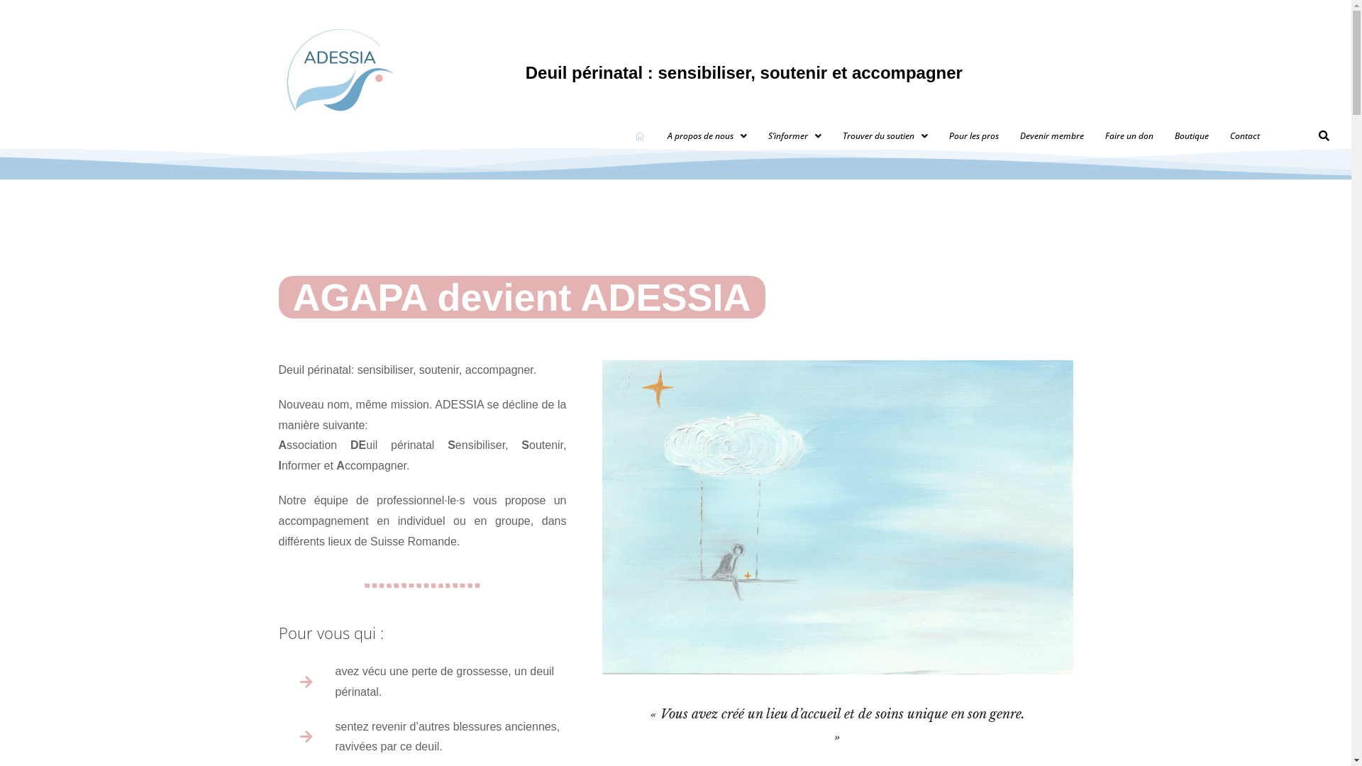 This screenshot has width=1362, height=766. What do you see at coordinates (1129, 136) in the screenshot?
I see `'Faire un don'` at bounding box center [1129, 136].